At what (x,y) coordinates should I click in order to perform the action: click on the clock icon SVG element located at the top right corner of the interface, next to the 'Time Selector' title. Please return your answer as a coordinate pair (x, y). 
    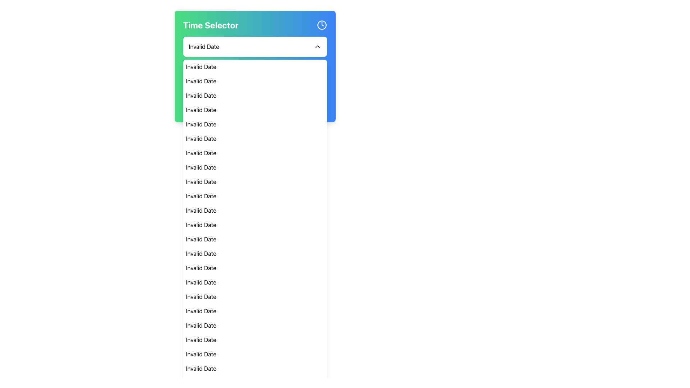
    Looking at the image, I should click on (321, 24).